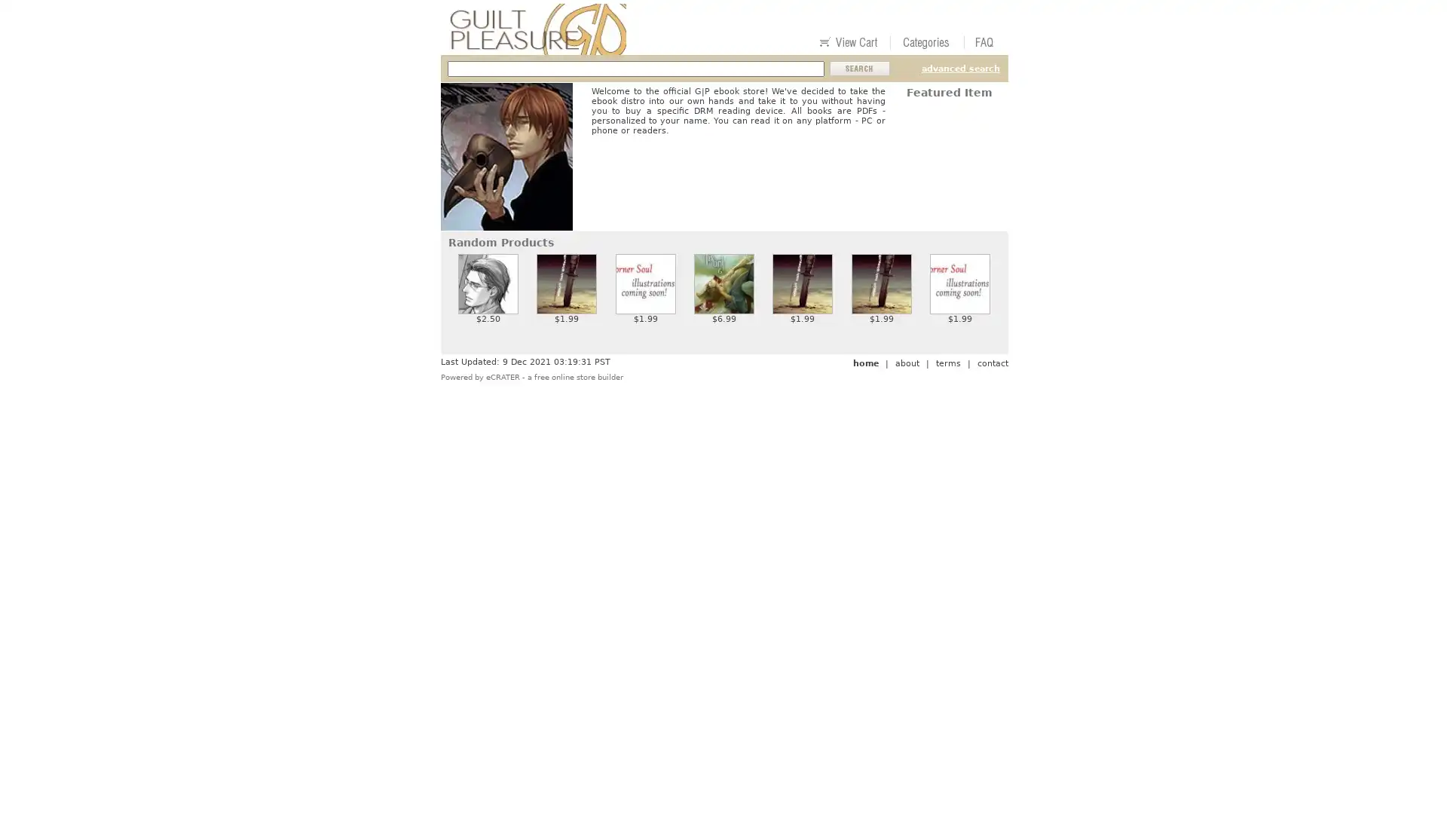 This screenshot has height=814, width=1447. I want to click on Submit, so click(859, 69).